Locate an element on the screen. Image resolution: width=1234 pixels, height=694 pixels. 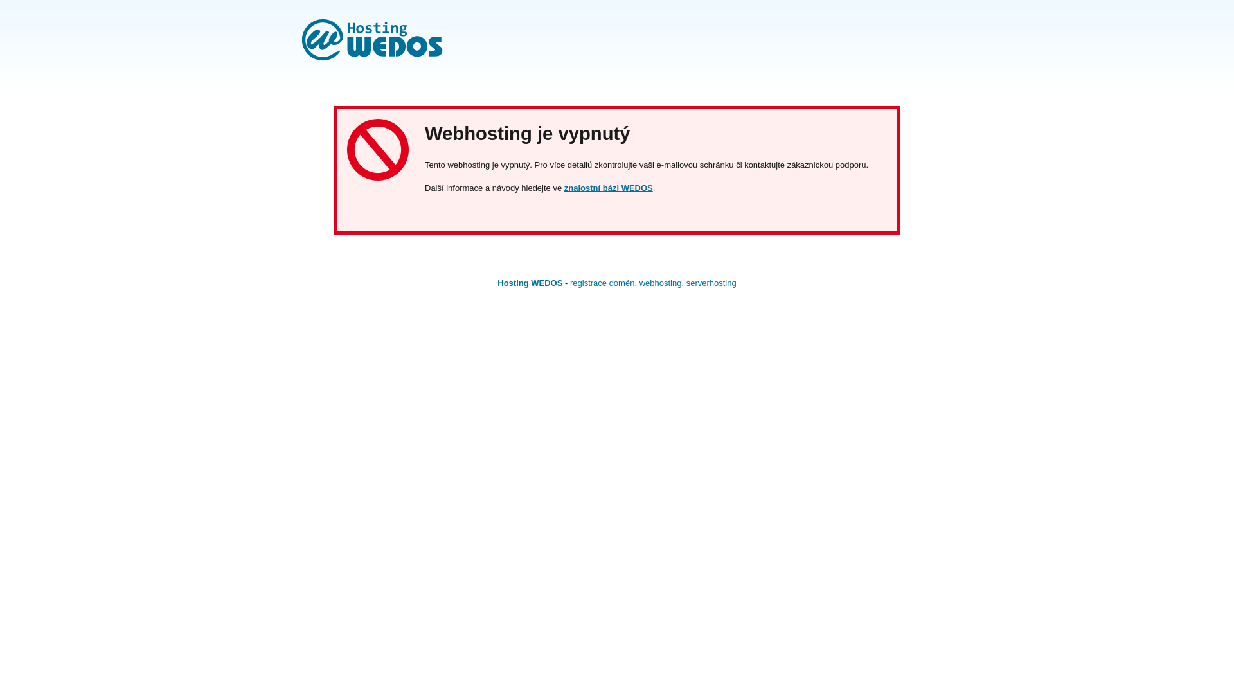
'Hosting WEDOS' is located at coordinates (530, 282).